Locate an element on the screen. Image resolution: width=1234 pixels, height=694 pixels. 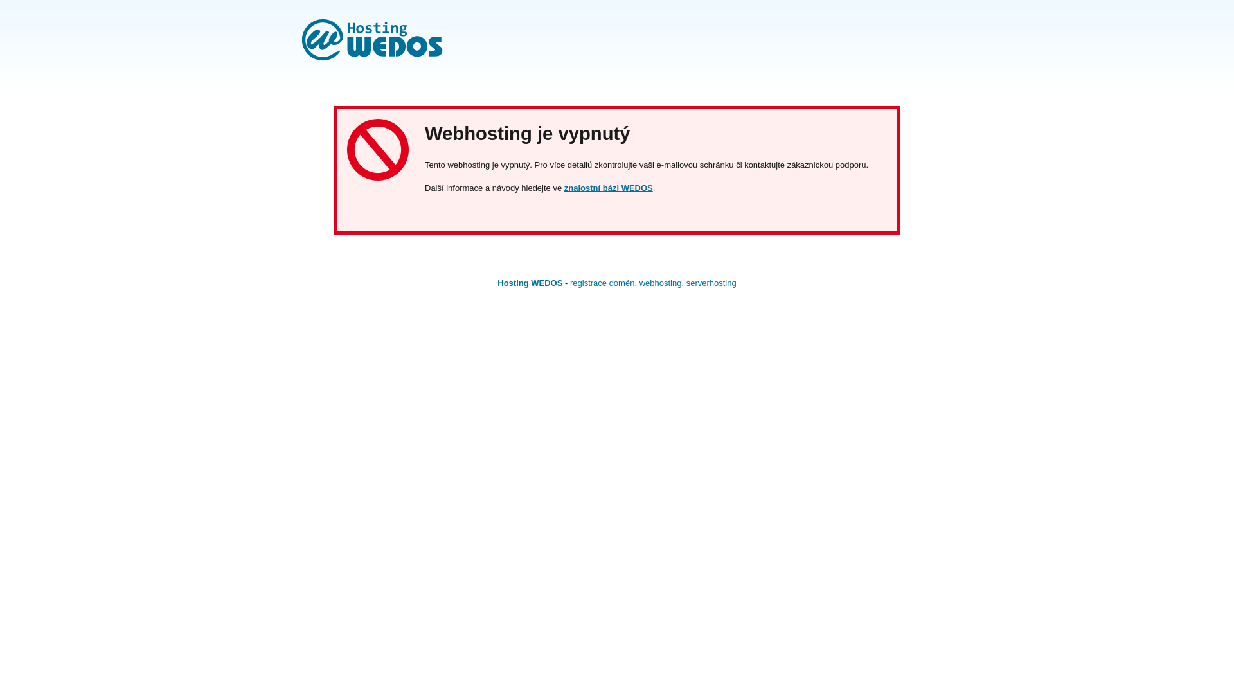
'Hosting WEDOS' is located at coordinates (530, 282).